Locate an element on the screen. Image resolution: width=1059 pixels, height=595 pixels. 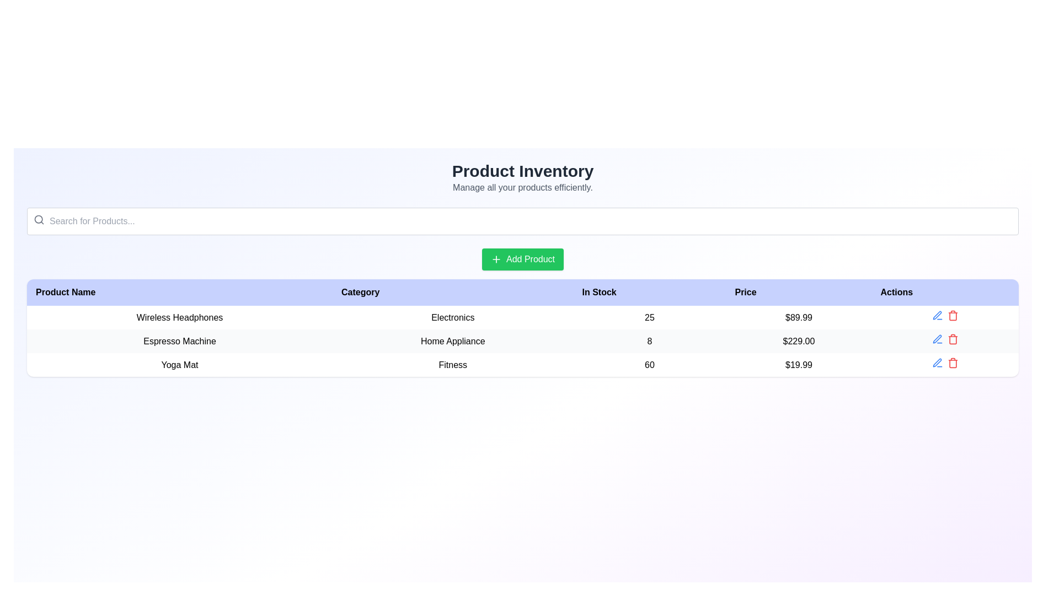
text content of the header section titled 'Product Inventory' with subtitle 'Manage all your products efficiently.' is located at coordinates (522, 177).